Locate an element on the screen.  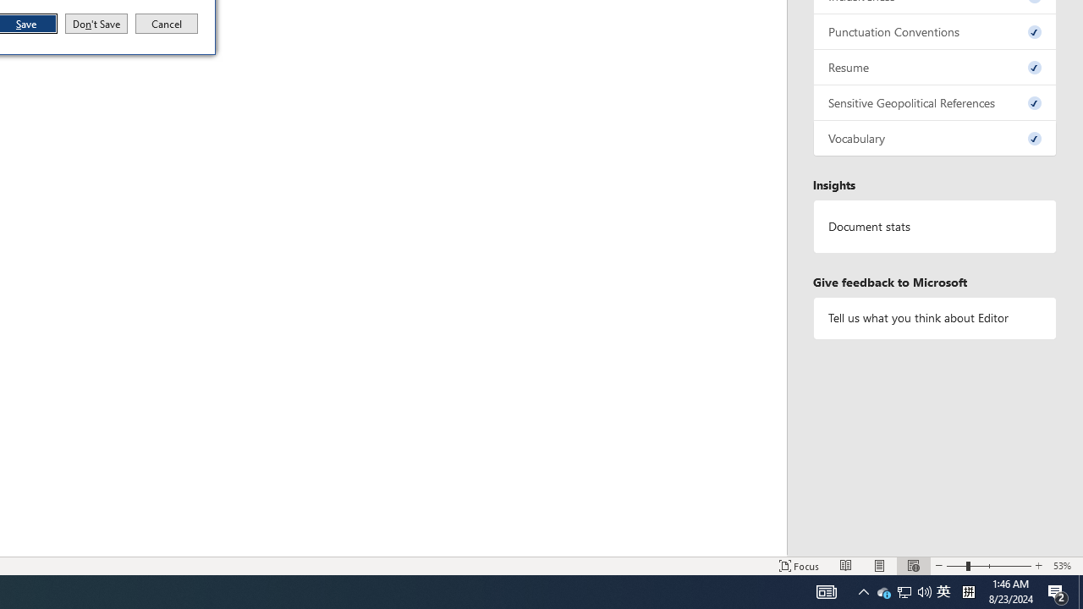
'Vocabulary, 0 issues. Press space or enter to review items.' is located at coordinates (934, 137).